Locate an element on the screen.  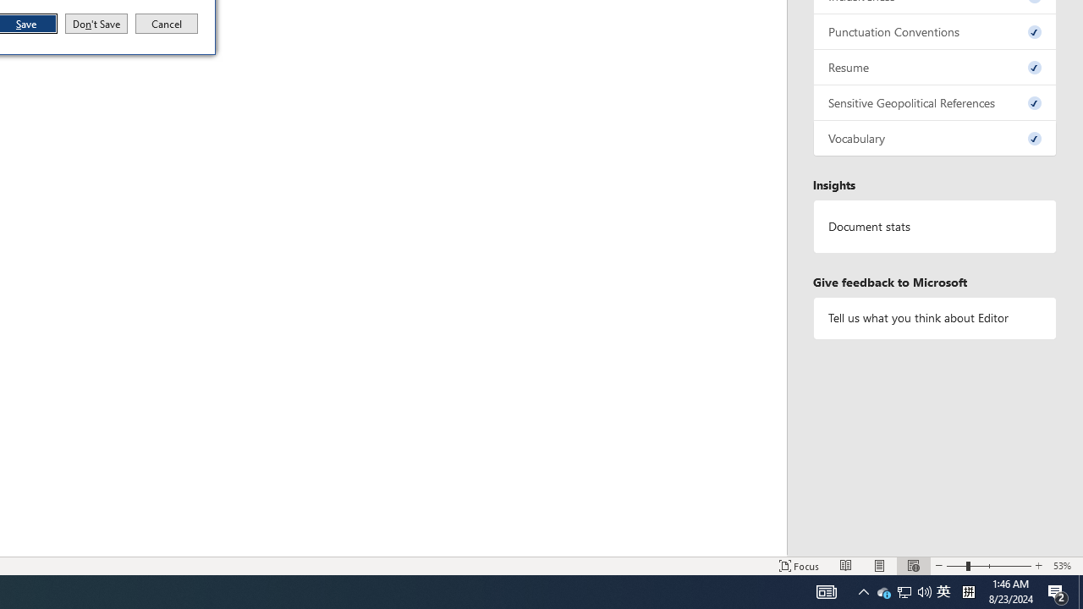
'Vocabulary, 0 issues. Press space or enter to review items.' is located at coordinates (934, 137).